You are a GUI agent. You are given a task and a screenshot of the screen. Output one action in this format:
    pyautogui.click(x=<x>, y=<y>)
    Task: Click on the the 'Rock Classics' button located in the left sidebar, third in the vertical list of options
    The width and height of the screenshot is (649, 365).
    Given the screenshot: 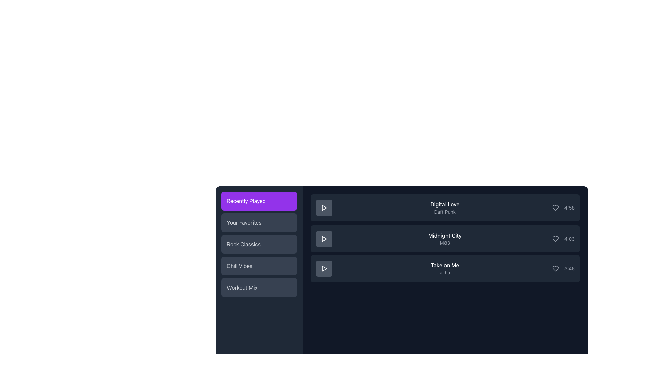 What is the action you would take?
    pyautogui.click(x=259, y=244)
    